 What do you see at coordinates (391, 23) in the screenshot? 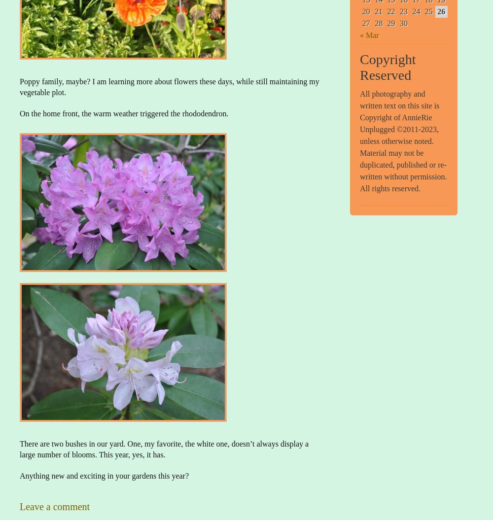
I see `'29'` at bounding box center [391, 23].